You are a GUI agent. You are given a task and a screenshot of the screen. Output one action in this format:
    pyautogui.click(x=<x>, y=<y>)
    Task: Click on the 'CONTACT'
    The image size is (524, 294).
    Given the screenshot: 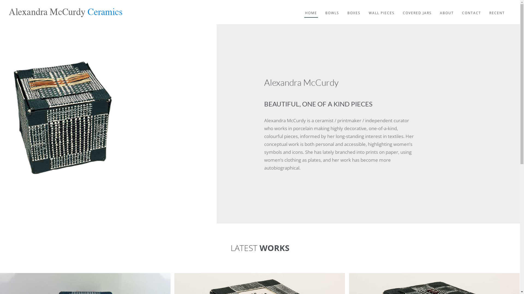 What is the action you would take?
    pyautogui.click(x=461, y=9)
    